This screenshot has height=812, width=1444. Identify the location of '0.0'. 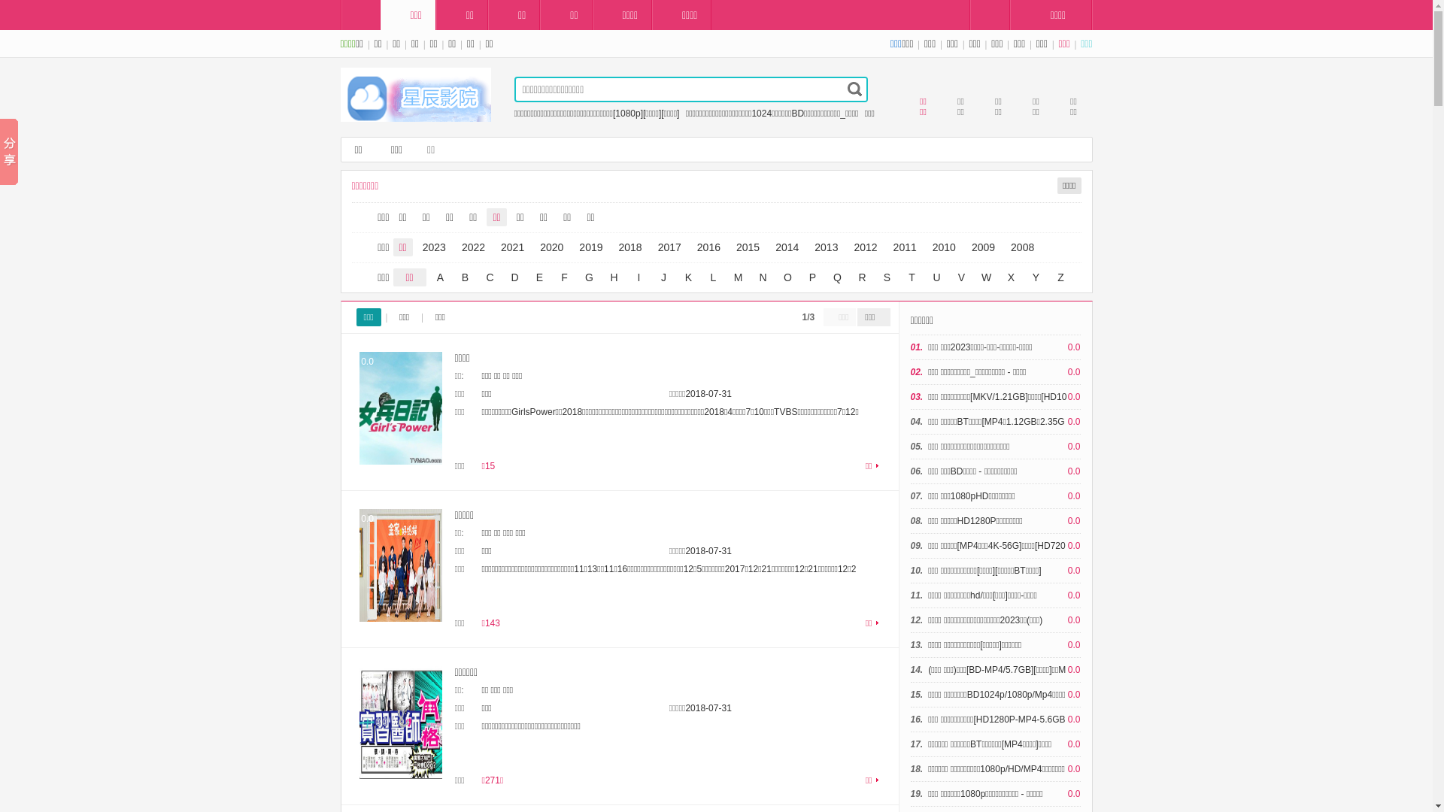
(400, 565).